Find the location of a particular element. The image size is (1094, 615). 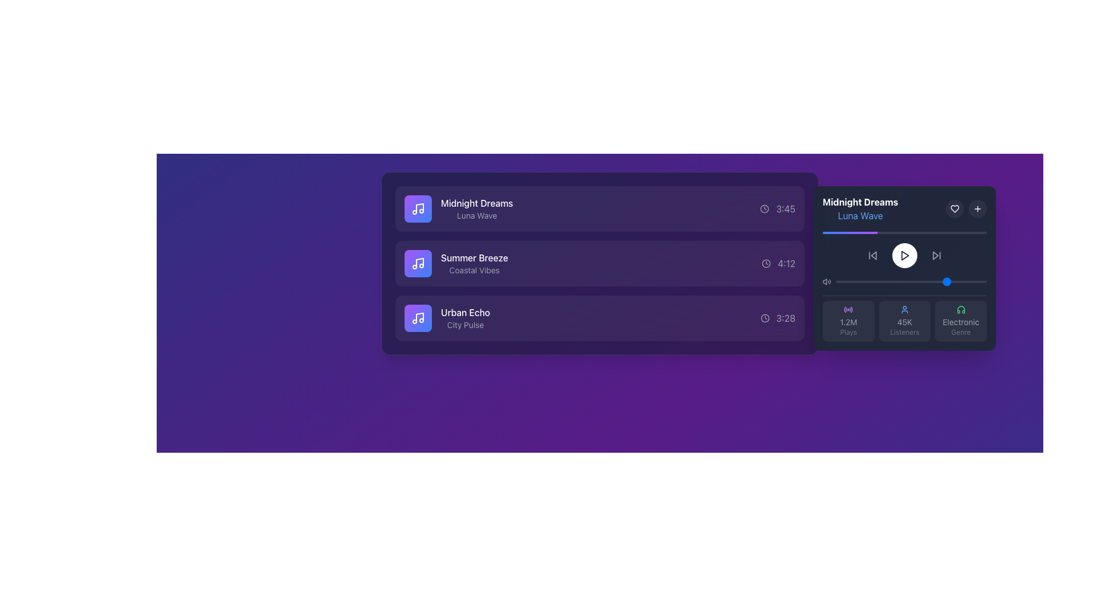

the headphone icon located in the bottom-right corner of the interface is located at coordinates (960, 309).